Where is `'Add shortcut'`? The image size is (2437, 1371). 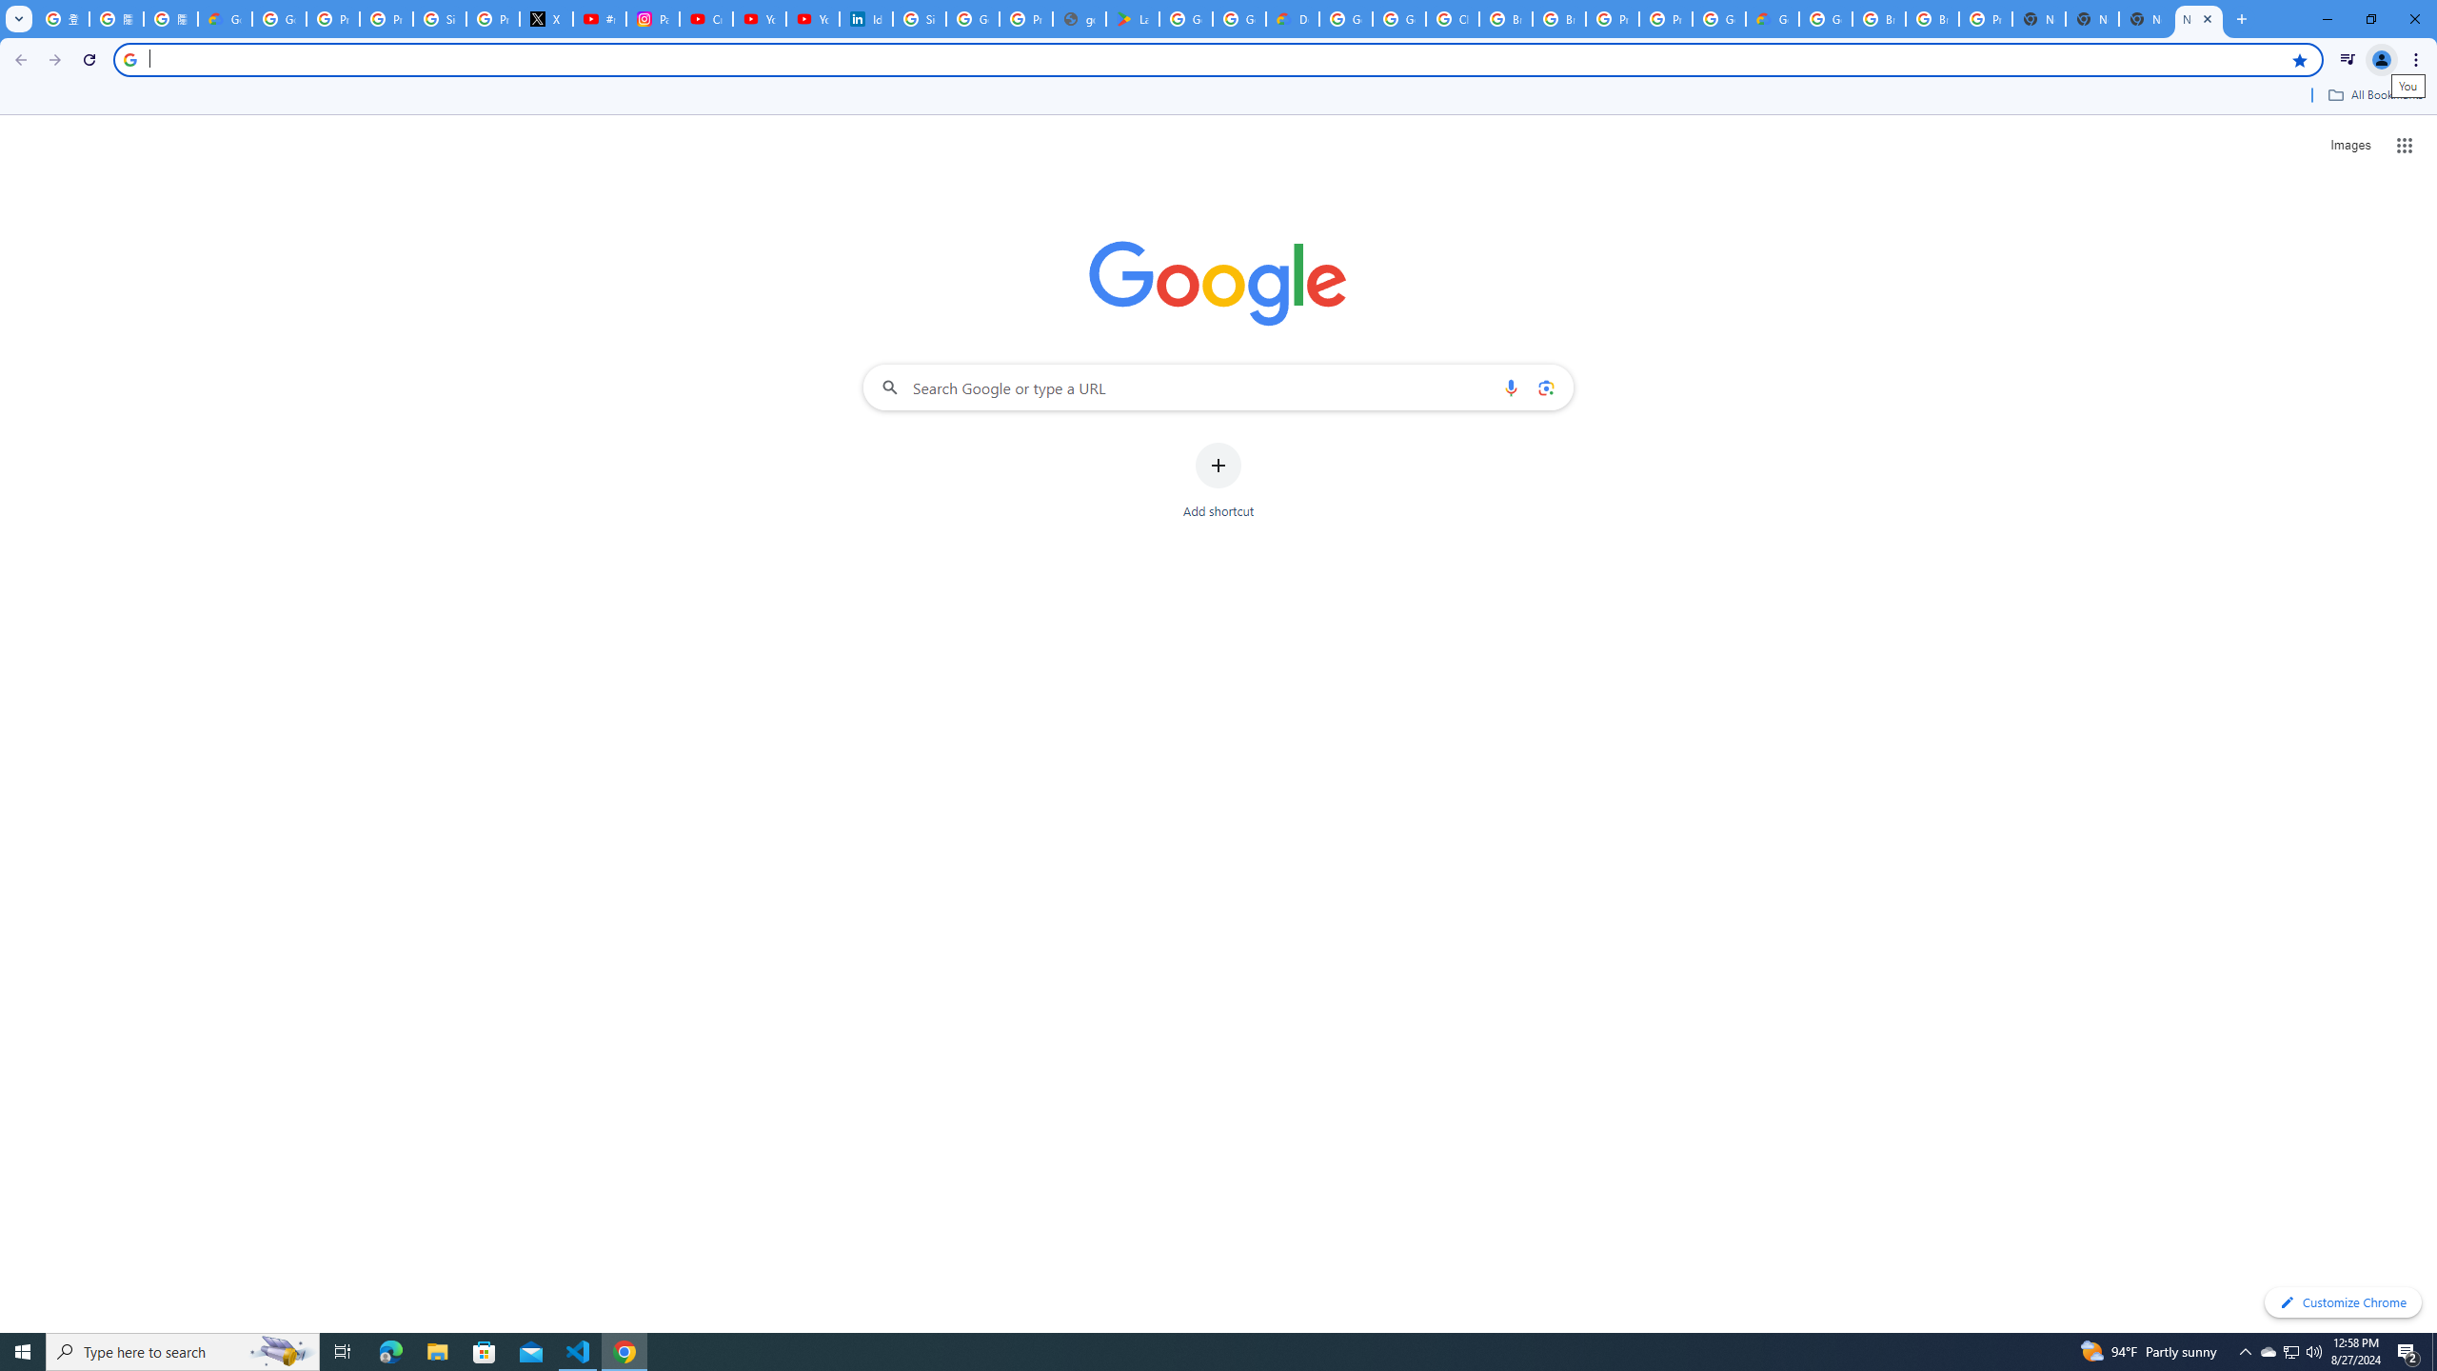 'Add shortcut' is located at coordinates (1218, 481).